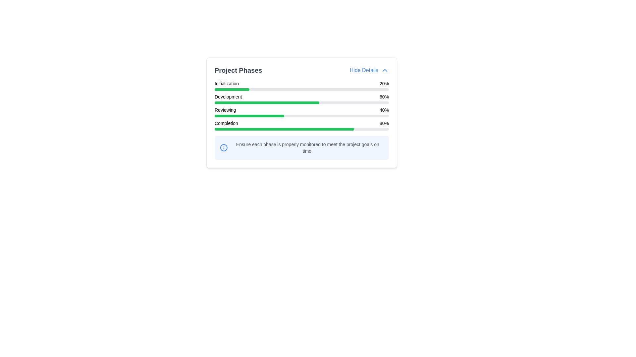 This screenshot has width=636, height=357. Describe the element at coordinates (369, 70) in the screenshot. I see `the toggle button located to the far right of the title text 'Project Phases' to trigger its hover-state` at that location.